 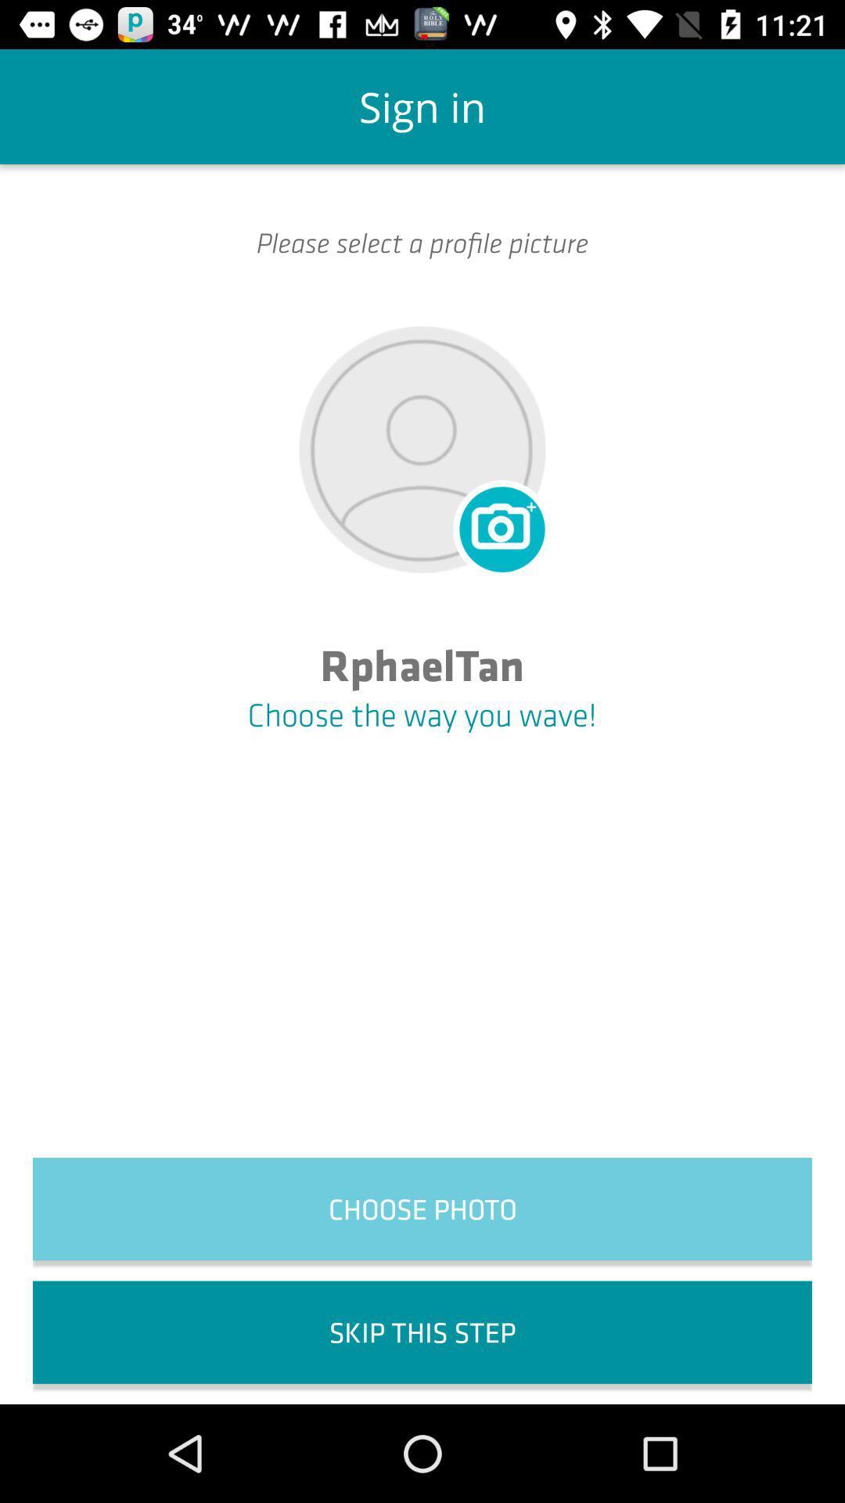 I want to click on the icon above the rphaeltan, so click(x=499, y=526).